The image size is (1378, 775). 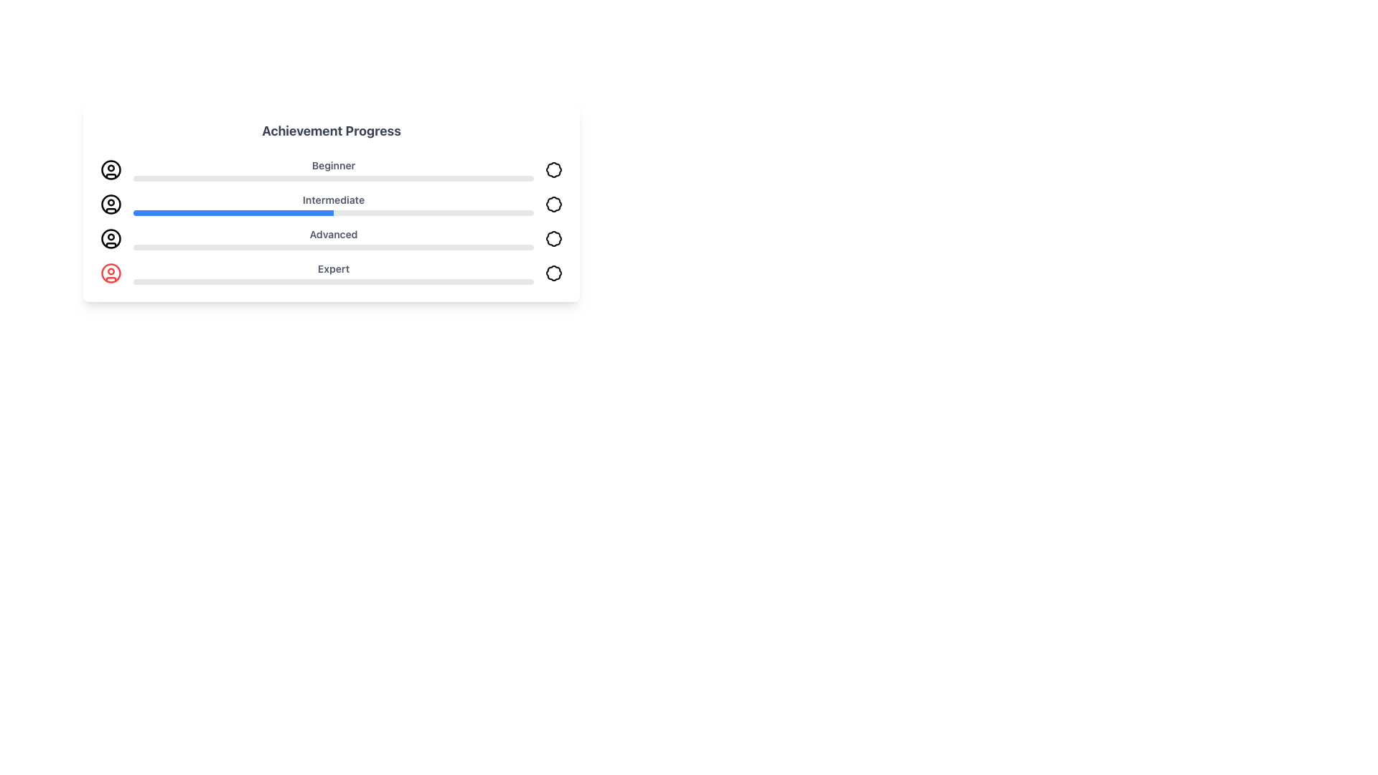 I want to click on the Icon or Badge that indicates progress or achievement, located in the horizontal list to the right of the 'Advanced' row, which is below 'Intermediate' and above 'Expert.', so click(x=553, y=238).